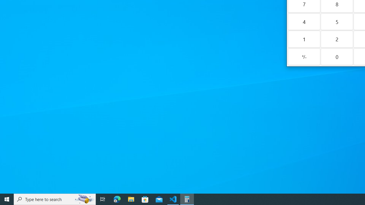 The width and height of the screenshot is (365, 205). Describe the element at coordinates (145, 199) in the screenshot. I see `'Microsoft Store'` at that location.